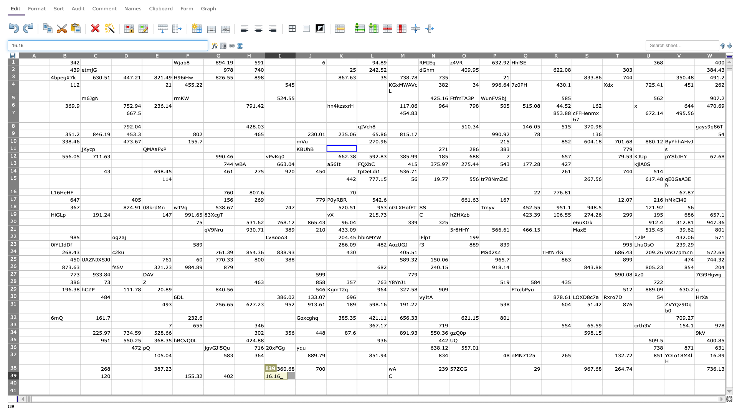 This screenshot has height=414, width=737. Describe the element at coordinates (295, 375) in the screenshot. I see `Left margin of J39` at that location.